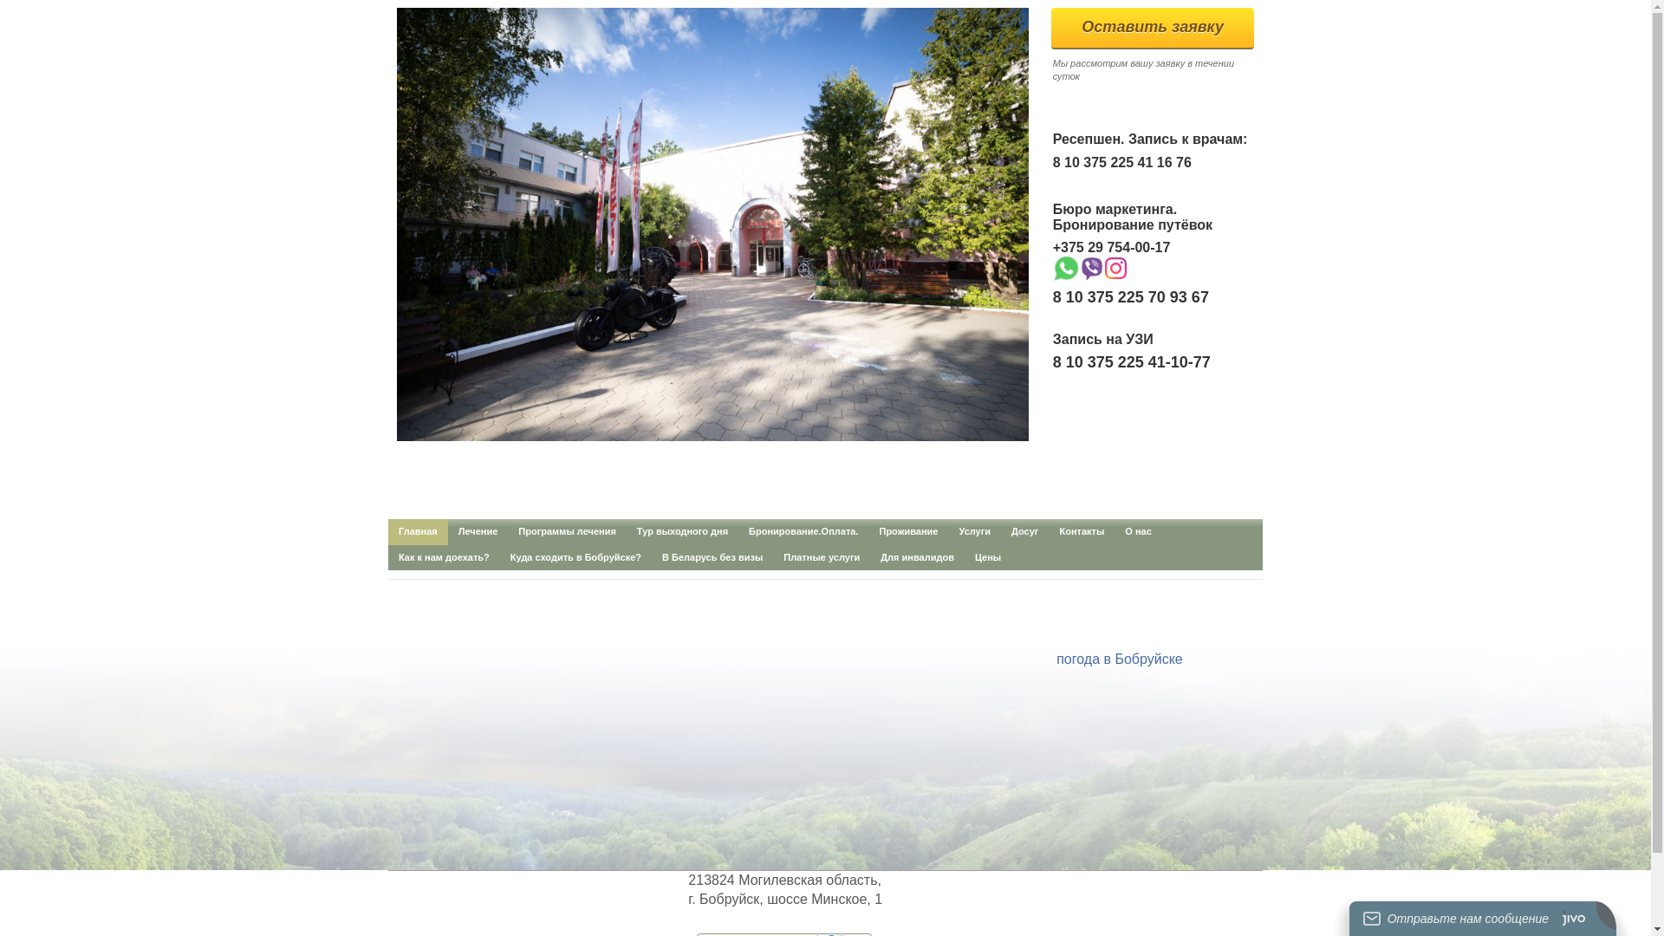 The width and height of the screenshot is (1664, 936). I want to click on 'Instagram_icon-icons.com_66804.png', so click(1115, 268).